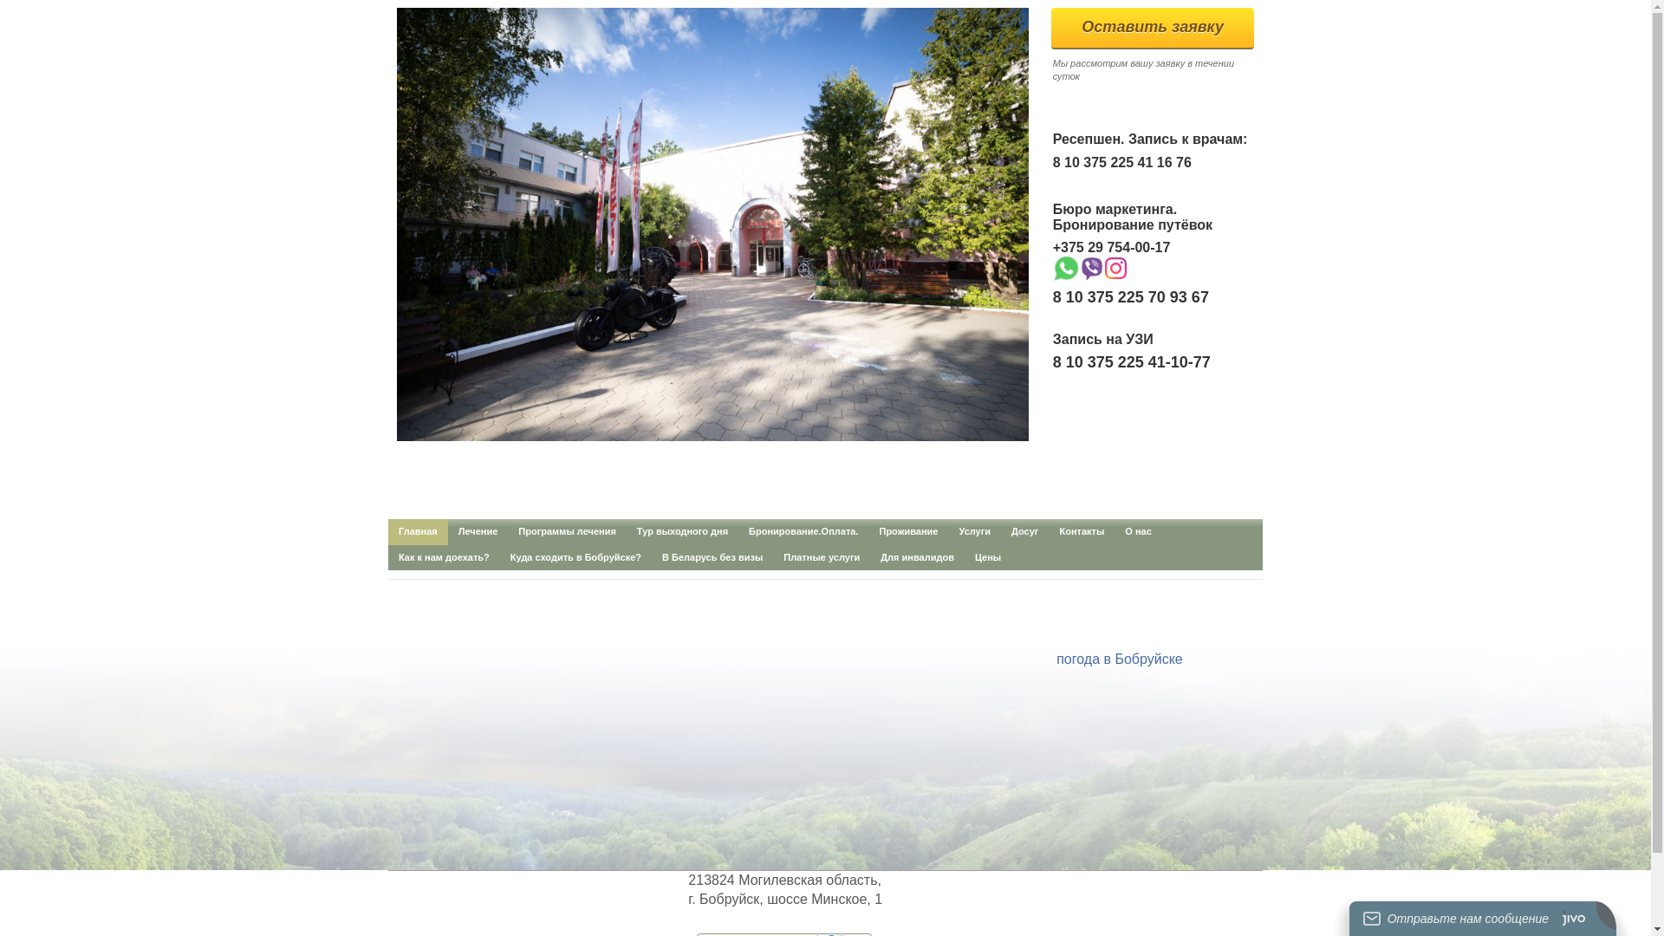 The width and height of the screenshot is (1664, 936). I want to click on 'Instagram_icon-icons.com_66804.png', so click(1115, 268).